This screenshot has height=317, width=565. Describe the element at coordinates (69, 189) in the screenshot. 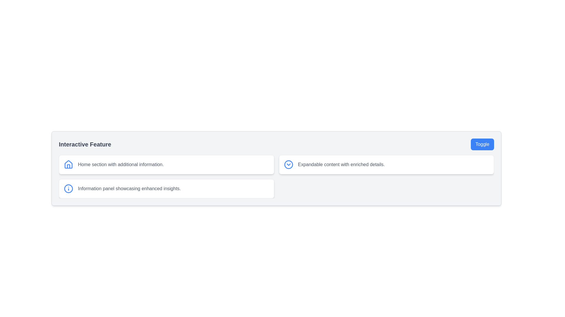

I see `the informational SVG icon located on the left side of the 'Information panel showcasing enhanced insights.' text in the lower left quadrant of the interface` at that location.